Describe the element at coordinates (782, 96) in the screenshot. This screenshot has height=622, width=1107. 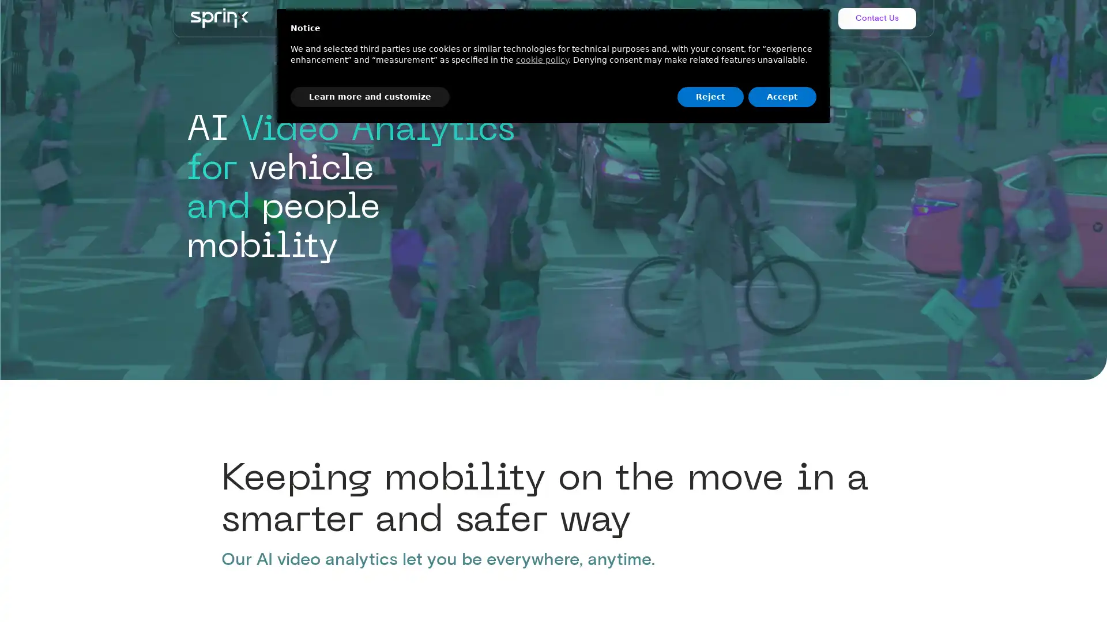
I see `Accept` at that location.